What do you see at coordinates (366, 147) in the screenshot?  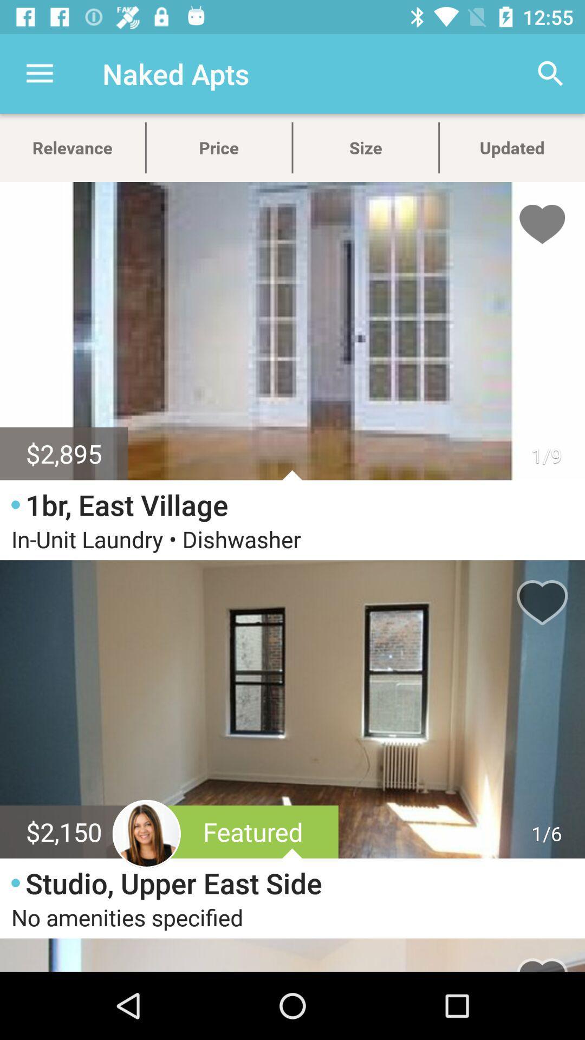 I see `the size` at bounding box center [366, 147].